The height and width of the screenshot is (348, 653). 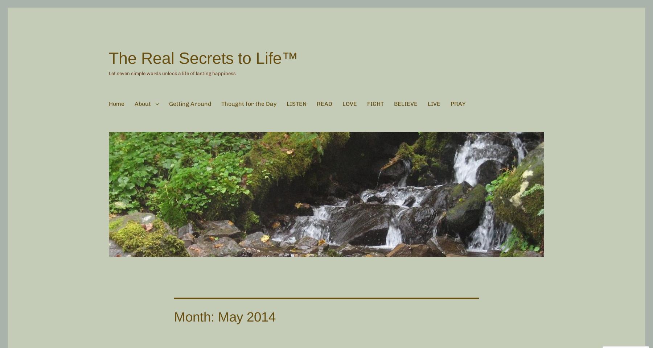 What do you see at coordinates (246, 316) in the screenshot?
I see `'May 2014'` at bounding box center [246, 316].